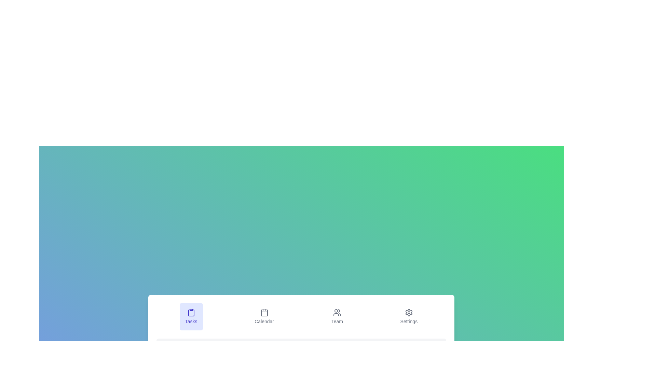 The height and width of the screenshot is (369, 656). I want to click on the non-interactive informational display located at the bottom of the interface, which provides context or guidance related to task management, so click(301, 348).